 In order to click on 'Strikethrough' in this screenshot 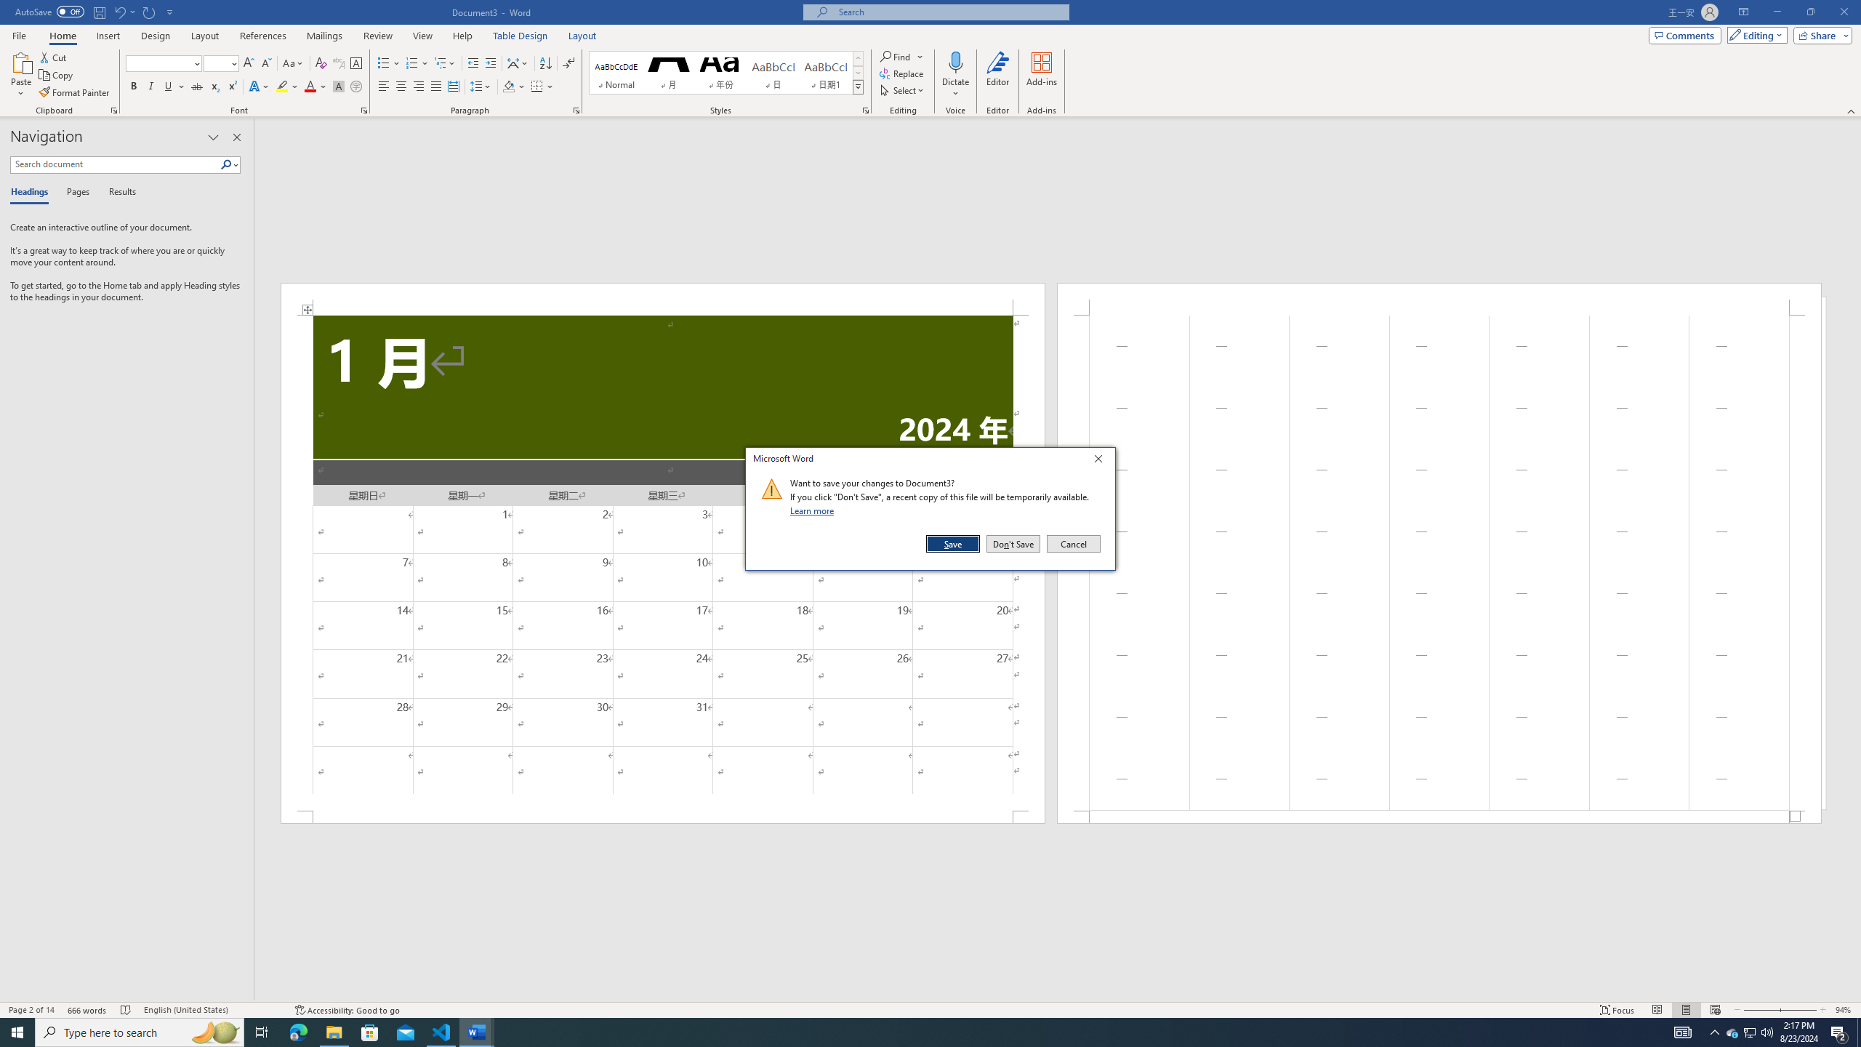, I will do `click(196, 86)`.